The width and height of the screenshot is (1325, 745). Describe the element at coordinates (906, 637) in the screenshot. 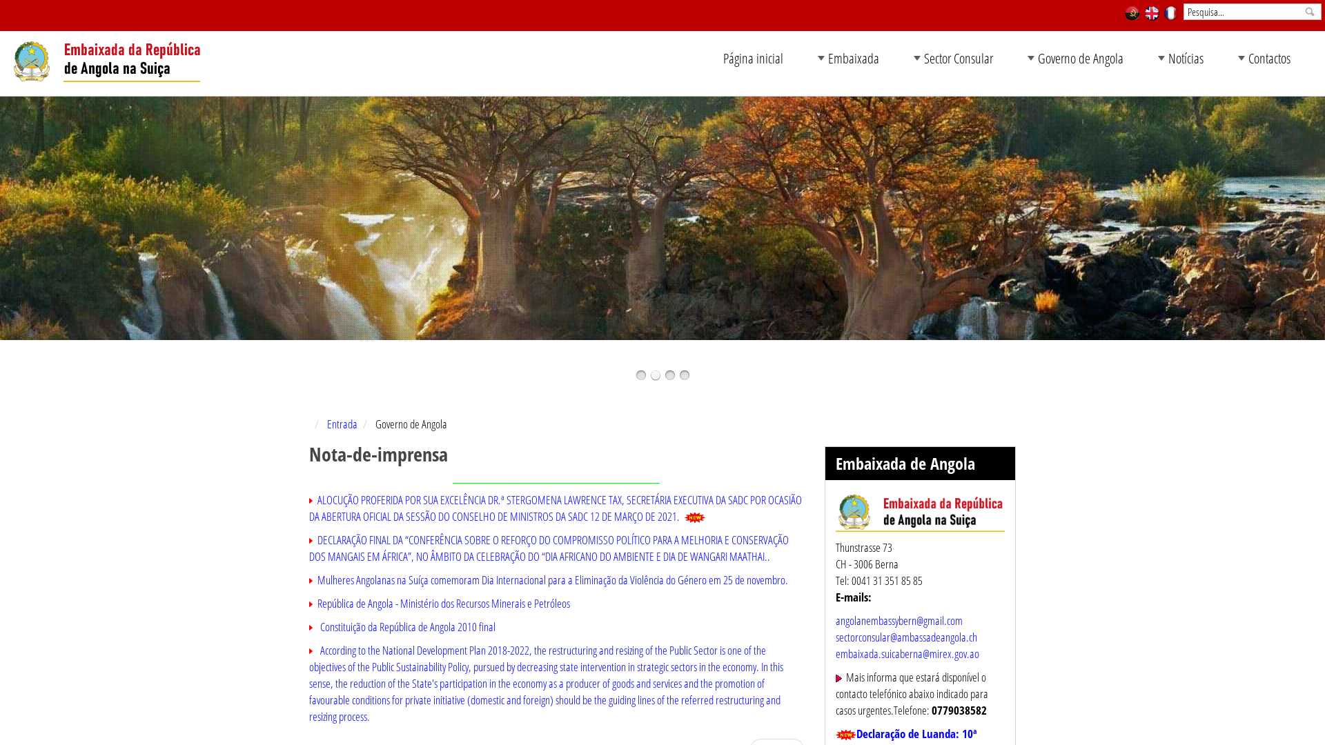

I see `'sectorconsular@ambassadeangola.ch'` at that location.